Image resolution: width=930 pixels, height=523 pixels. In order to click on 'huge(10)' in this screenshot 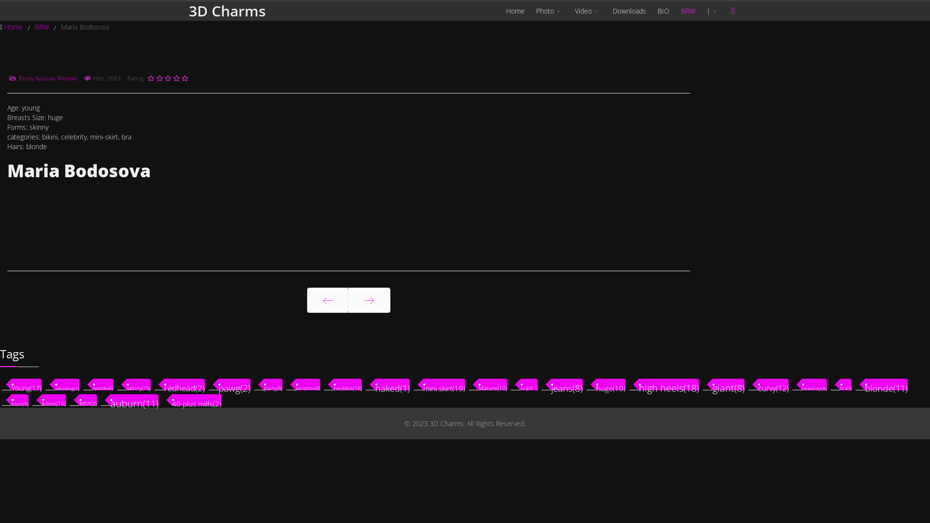, I will do `click(610, 384)`.